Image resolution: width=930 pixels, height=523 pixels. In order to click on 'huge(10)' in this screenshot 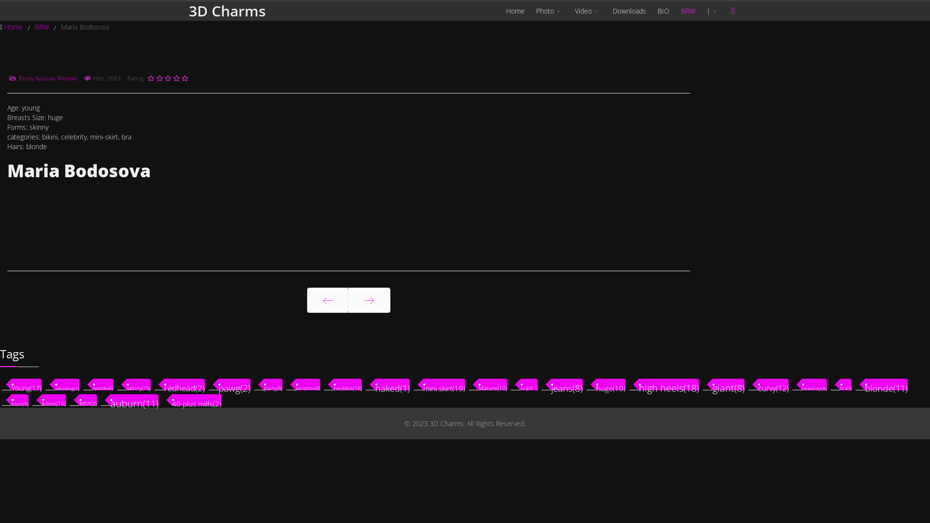, I will do `click(610, 384)`.